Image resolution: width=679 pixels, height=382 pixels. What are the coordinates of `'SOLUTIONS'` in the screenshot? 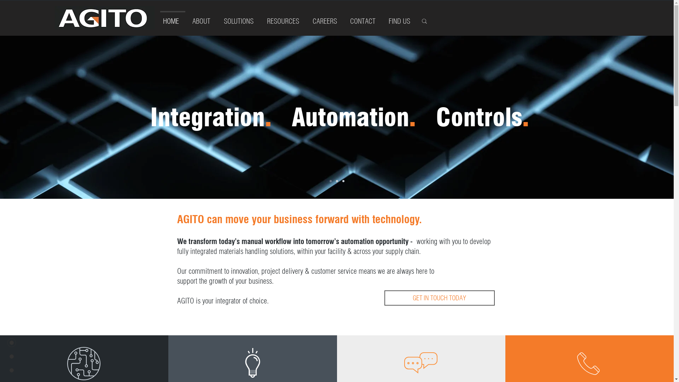 It's located at (240, 17).